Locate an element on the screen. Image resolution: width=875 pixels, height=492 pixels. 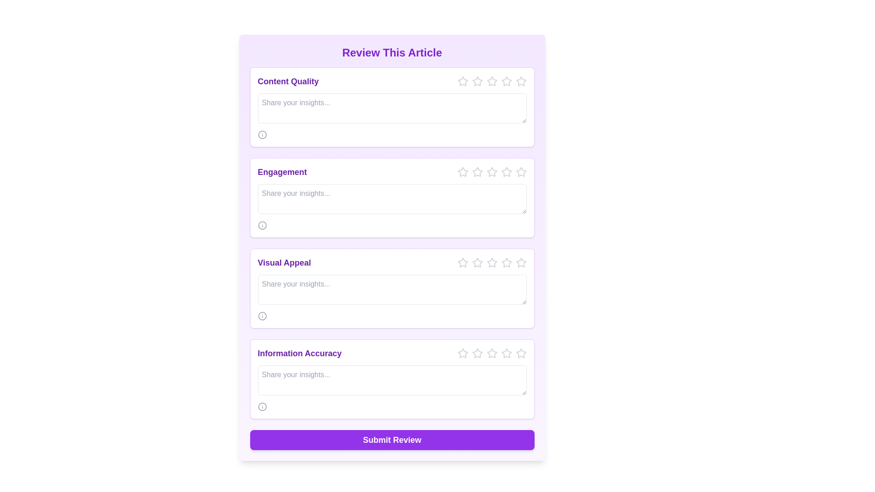
the fifth star icon, which is light gray and represents an unselected state, to rate the content quality is located at coordinates (521, 81).